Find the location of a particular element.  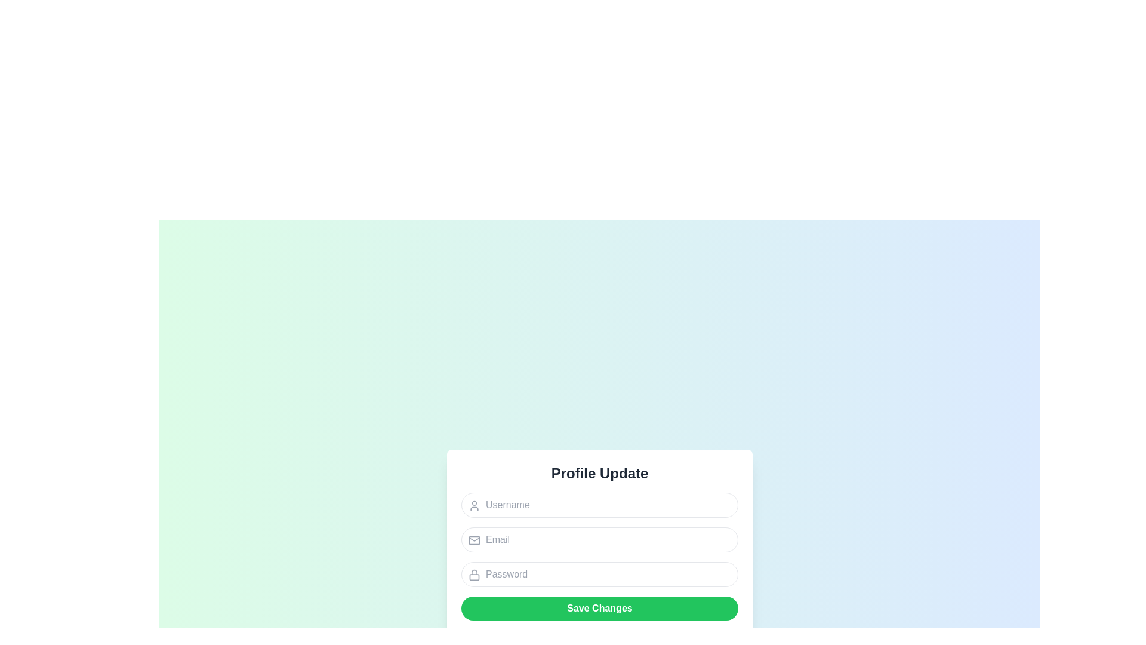

the visual icon part (rectangular shape within a lock icon) located adjacent to the 'Password' input field under the 'Profile Update' heading is located at coordinates (474, 576).